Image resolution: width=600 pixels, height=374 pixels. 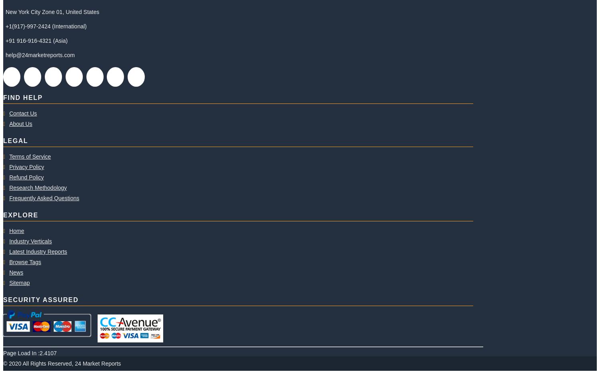 I want to click on 'Contact Us', so click(x=23, y=113).